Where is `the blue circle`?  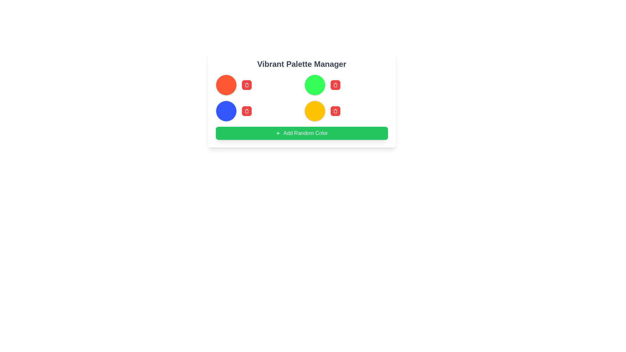
the blue circle is located at coordinates (257, 110).